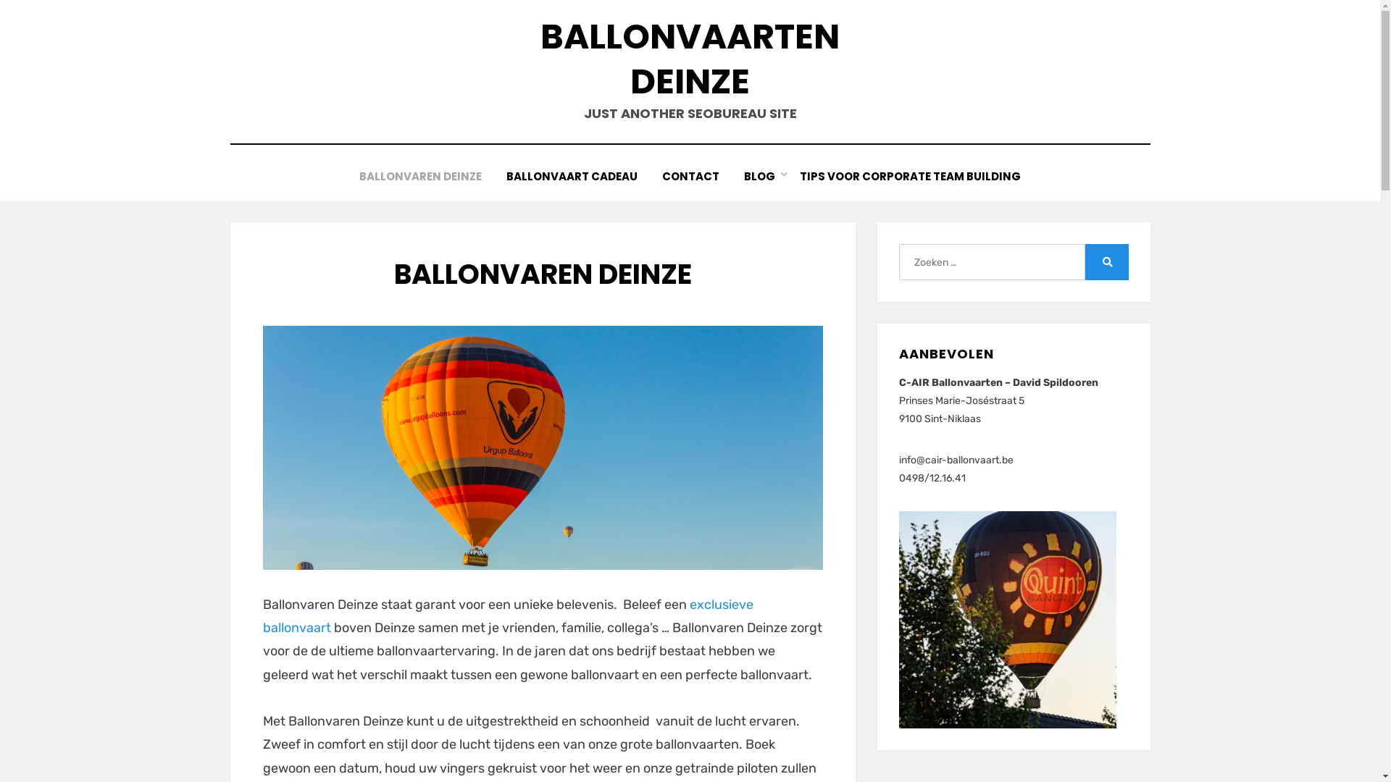 This screenshot has height=782, width=1391. What do you see at coordinates (932, 478) in the screenshot?
I see `'0498/12.16.41'` at bounding box center [932, 478].